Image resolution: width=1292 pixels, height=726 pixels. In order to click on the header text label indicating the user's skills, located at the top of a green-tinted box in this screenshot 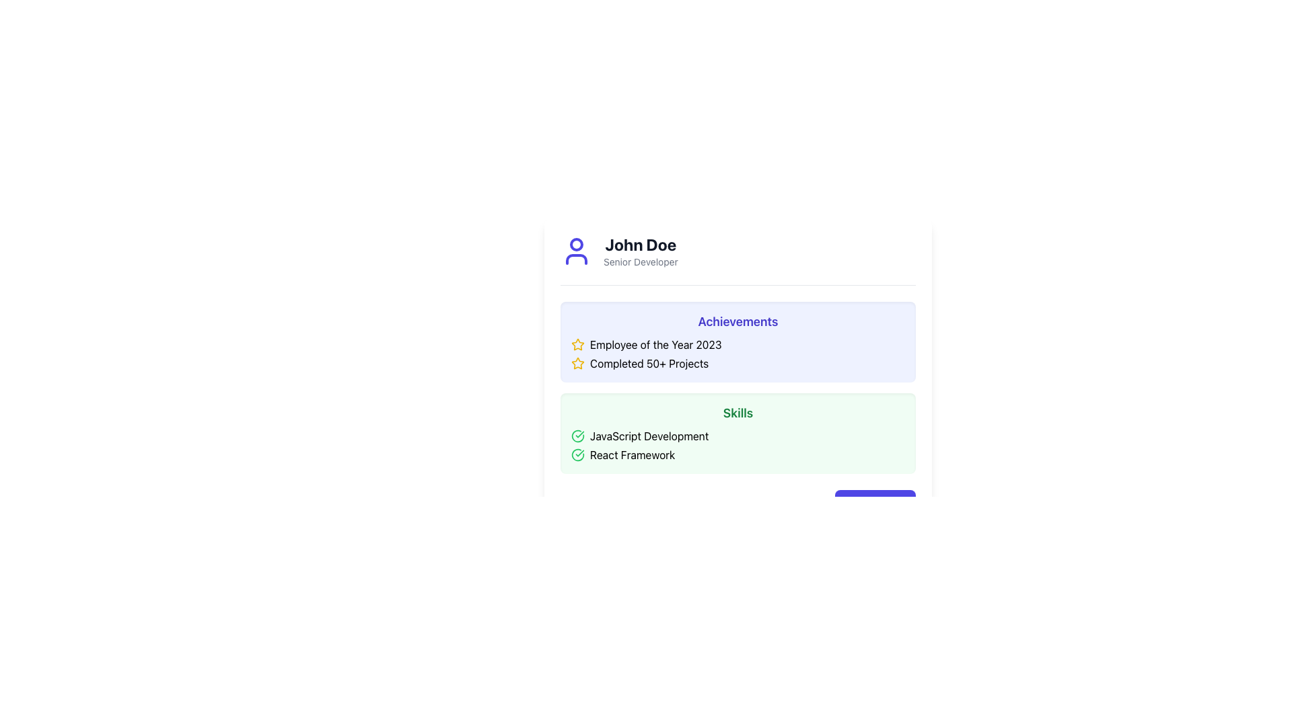, I will do `click(738, 412)`.